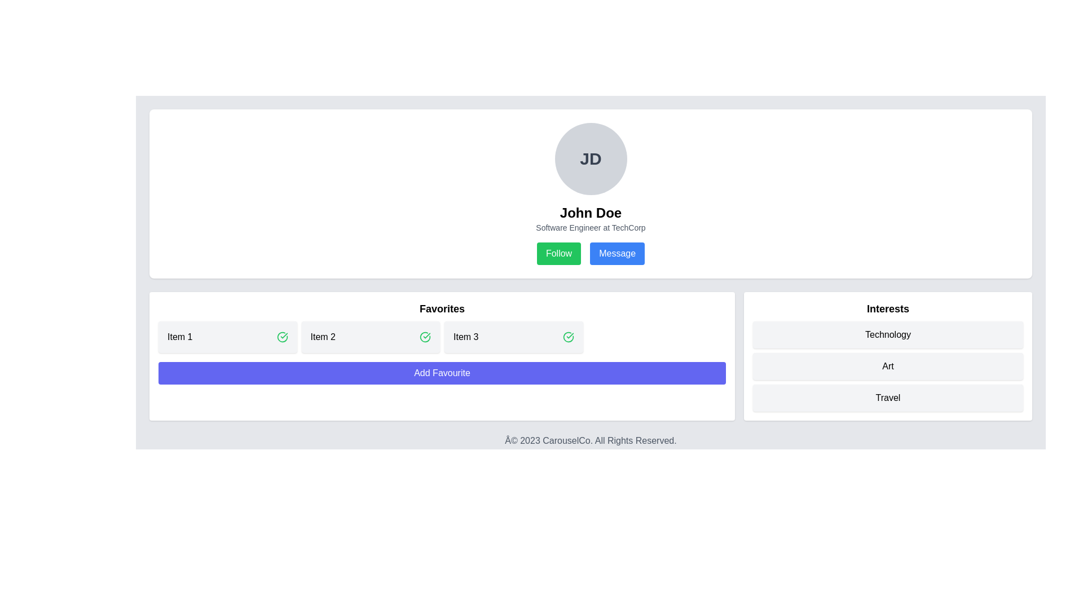  What do you see at coordinates (590, 228) in the screenshot?
I see `the Text label that provides additional descriptive information about the user's professional role and affiliated organization, located directly beneath the user's name 'John Doe'` at bounding box center [590, 228].